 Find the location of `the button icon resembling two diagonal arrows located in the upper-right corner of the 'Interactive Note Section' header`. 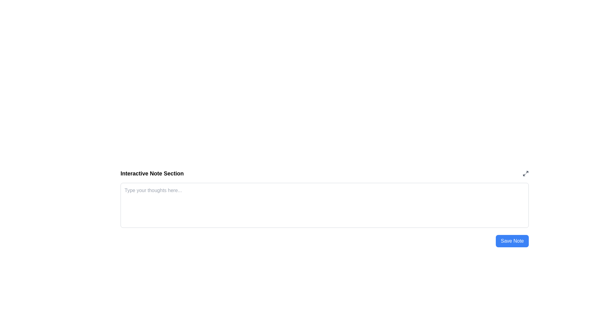

the button icon resembling two diagonal arrows located in the upper-right corner of the 'Interactive Note Section' header is located at coordinates (525, 174).